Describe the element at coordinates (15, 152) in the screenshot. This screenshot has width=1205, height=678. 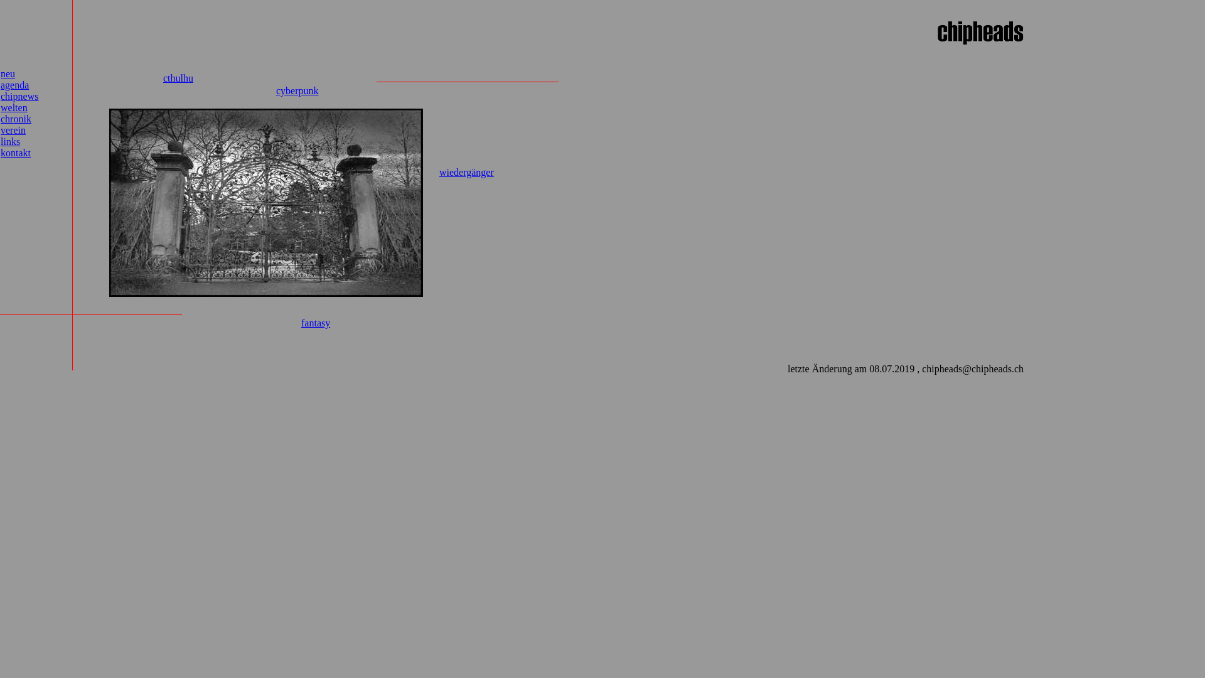
I see `'kontakt'` at that location.